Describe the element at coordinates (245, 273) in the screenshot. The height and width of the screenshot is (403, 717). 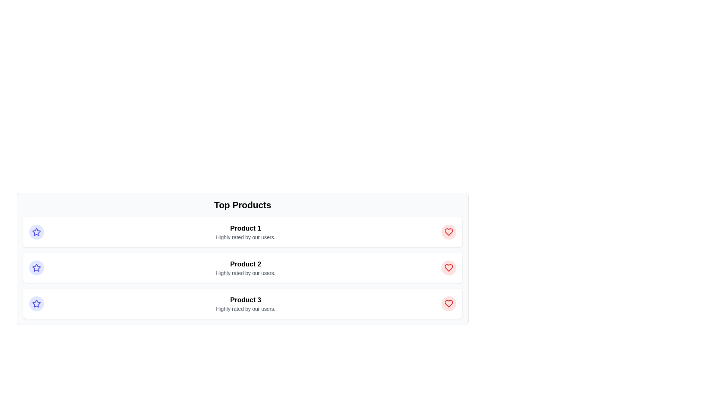
I see `the text display that reads 'Highly rated by our users.', which is positioned directly under the product name 'Product 2'` at that location.